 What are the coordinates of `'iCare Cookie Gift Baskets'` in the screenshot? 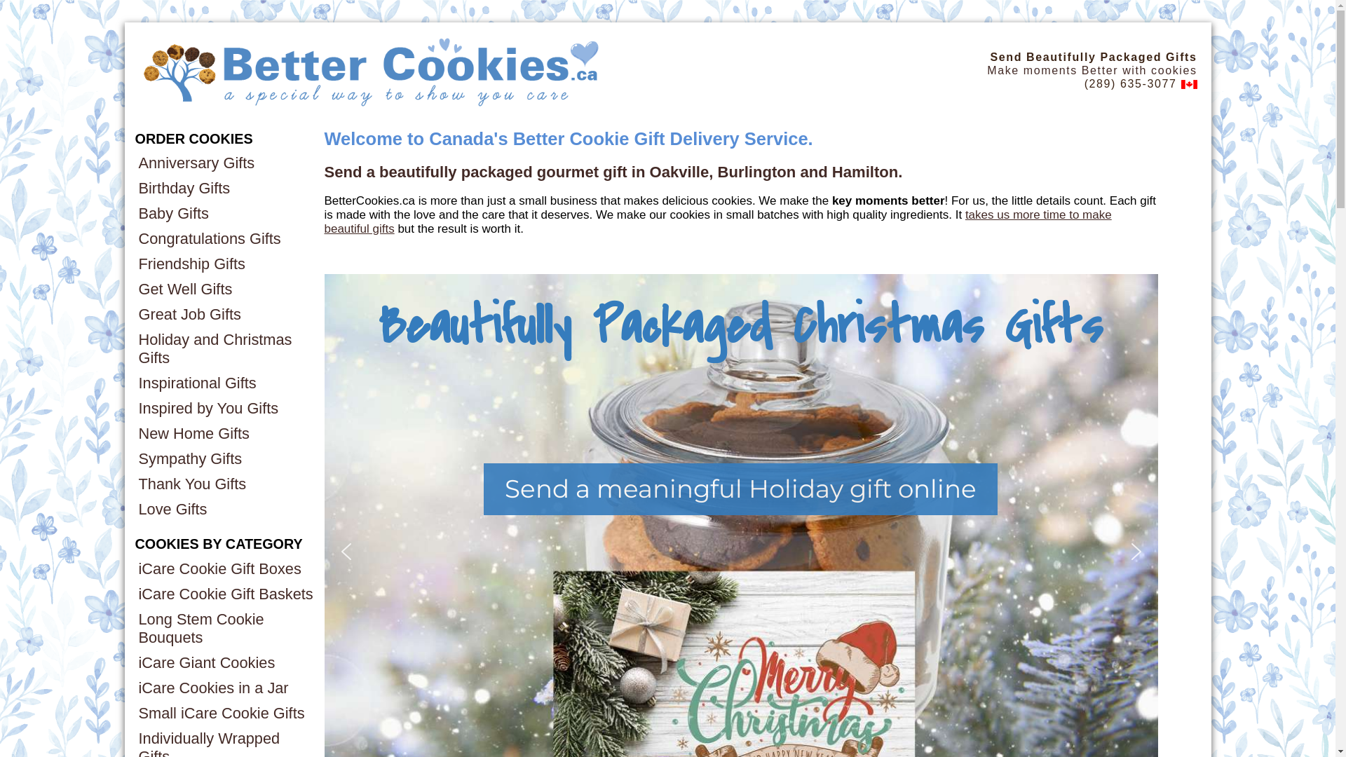 It's located at (225, 594).